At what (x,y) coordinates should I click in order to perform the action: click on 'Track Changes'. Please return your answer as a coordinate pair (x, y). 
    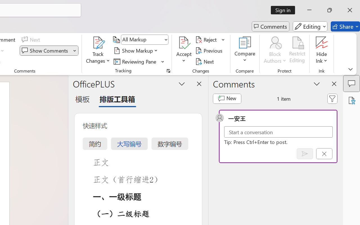
    Looking at the image, I should click on (98, 50).